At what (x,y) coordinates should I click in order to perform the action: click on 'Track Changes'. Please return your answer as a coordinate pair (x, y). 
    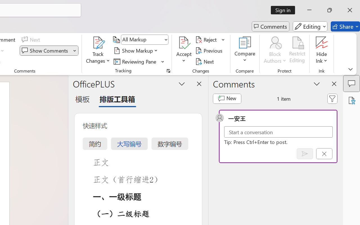
    Looking at the image, I should click on (98, 50).